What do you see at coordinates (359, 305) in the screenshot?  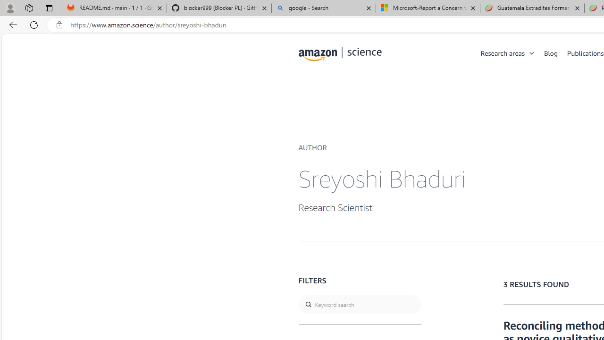 I see `'search'` at bounding box center [359, 305].